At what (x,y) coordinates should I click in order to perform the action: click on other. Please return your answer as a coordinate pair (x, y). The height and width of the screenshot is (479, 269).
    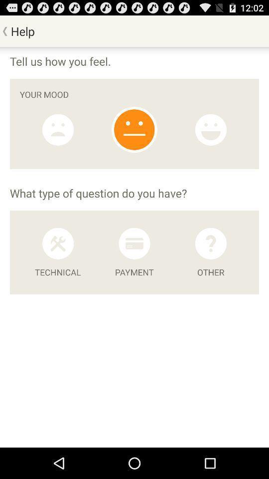
    Looking at the image, I should click on (210, 243).